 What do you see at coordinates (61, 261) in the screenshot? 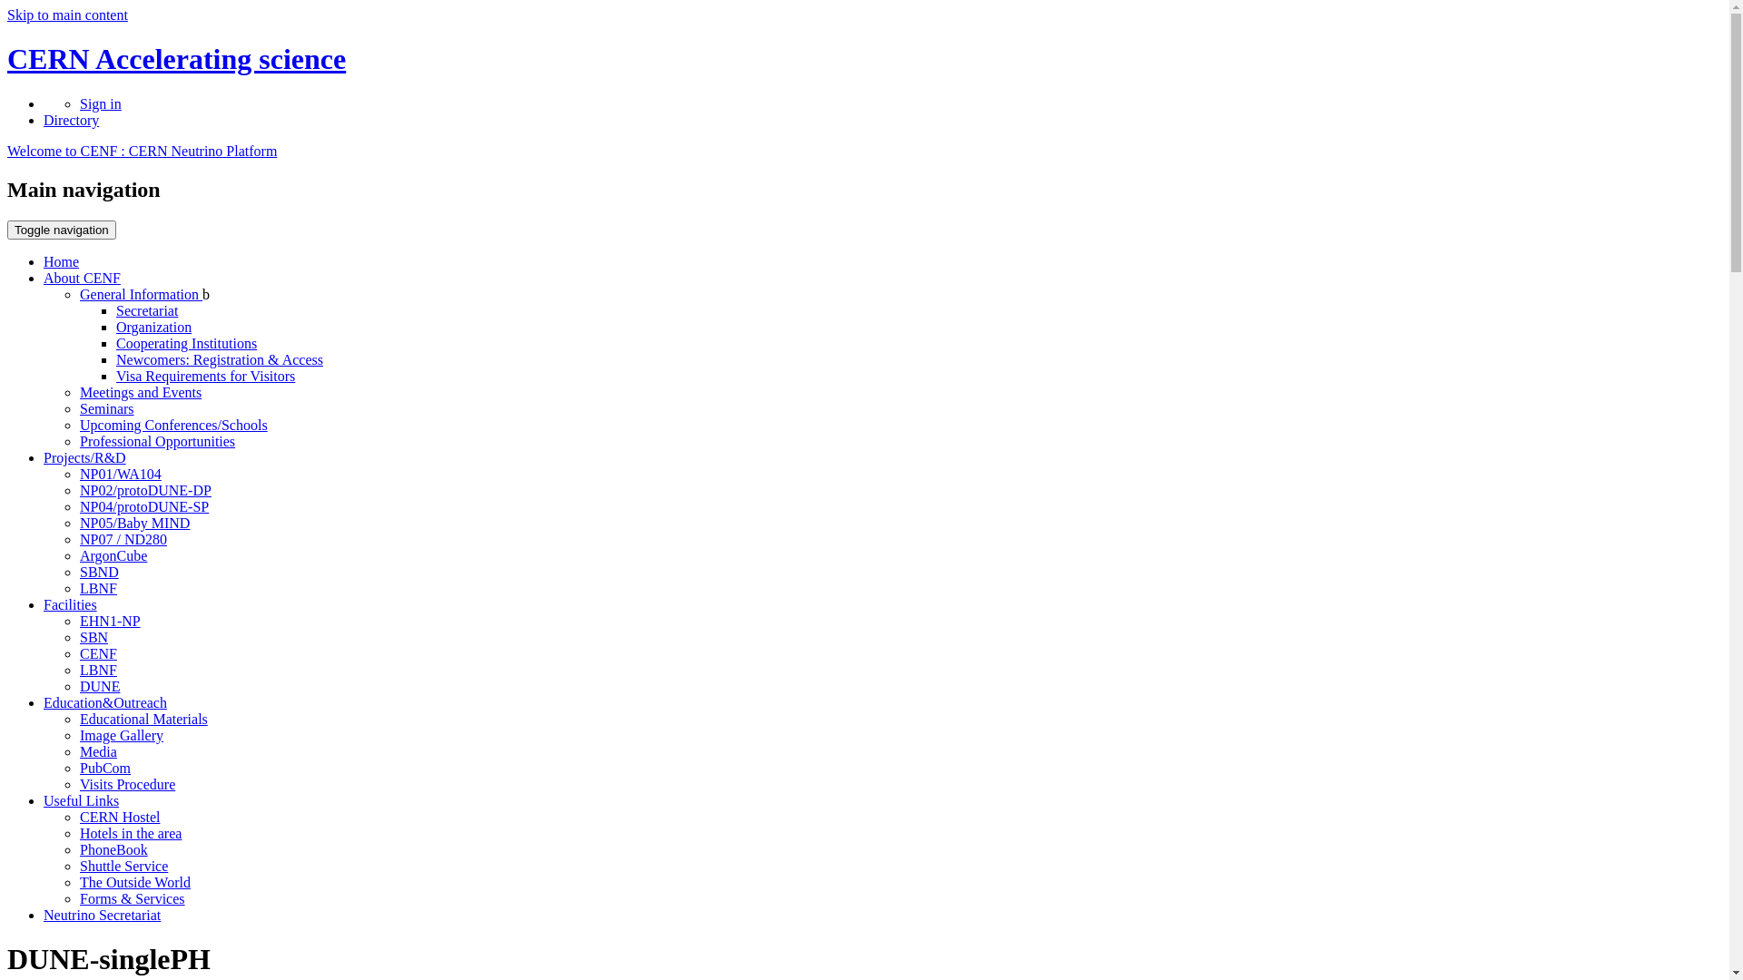
I see `'Home'` at bounding box center [61, 261].